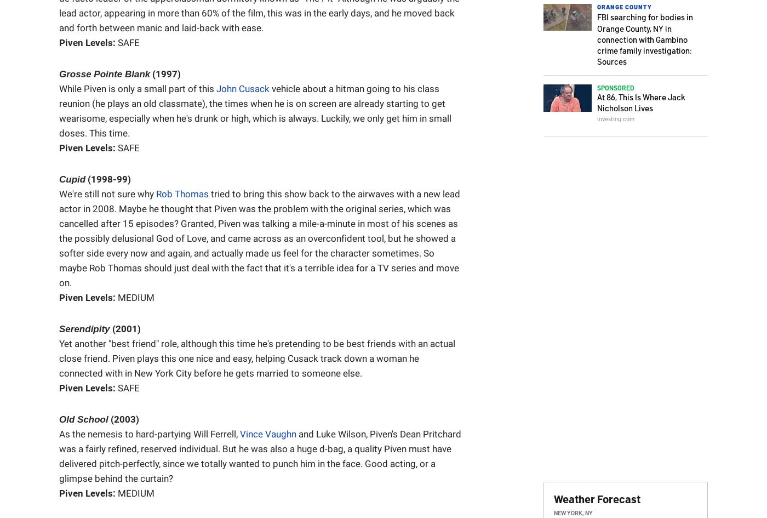  Describe the element at coordinates (59, 238) in the screenshot. I see `'tried to bring this show back to the airwaves with a new lead actor in 2008. Maybe he thought that Piven was the problem with the original series, which was cancelled after 15 episodes? Granted, Piven was talking a mile-a-minute in most of his scenes as the possibly delusional God of Love, and came across as an overconfident tool, but he showed a softer side every now and again, and actually made us feel for the character sometimes. So maybe Rob Thomas should just deal with the fact that it's a terrible idea for a TV series and move on.'` at that location.